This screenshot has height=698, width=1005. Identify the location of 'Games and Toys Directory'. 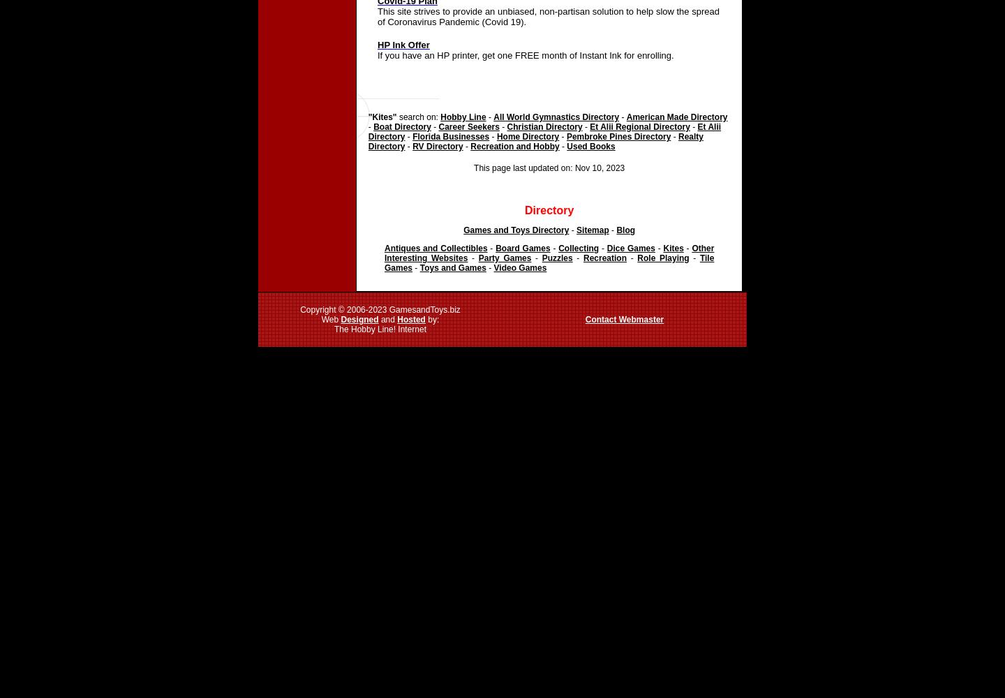
(463, 230).